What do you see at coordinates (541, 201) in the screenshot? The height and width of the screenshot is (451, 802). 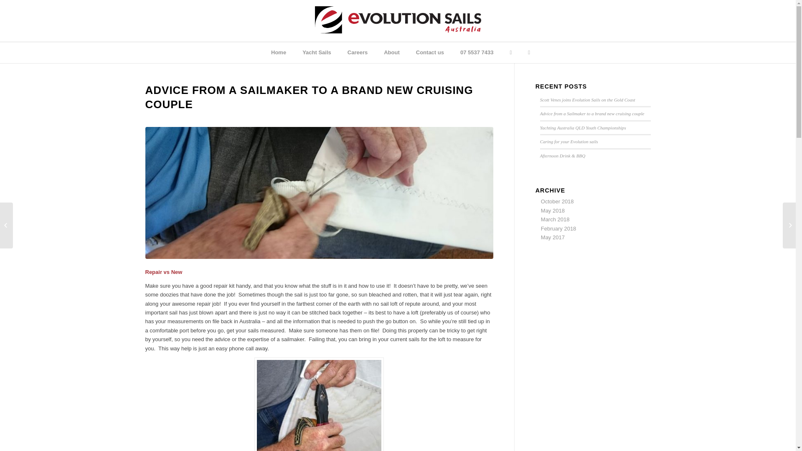 I see `'October 2018'` at bounding box center [541, 201].